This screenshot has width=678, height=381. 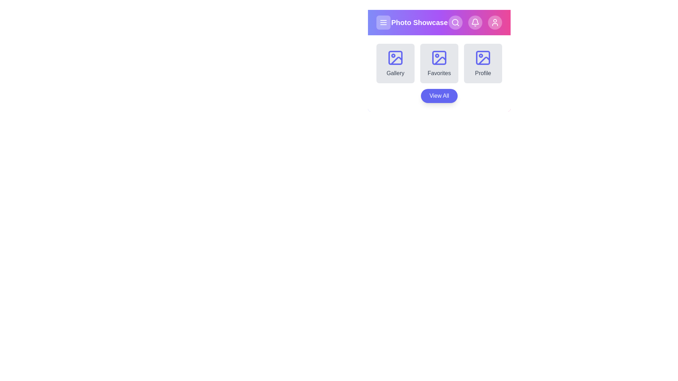 I want to click on the bell icon to access notifications, so click(x=475, y=22).